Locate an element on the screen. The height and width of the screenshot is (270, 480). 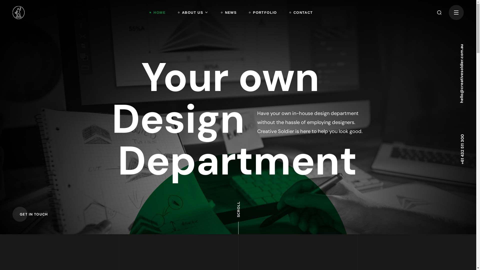
'HOME' is located at coordinates (157, 12).